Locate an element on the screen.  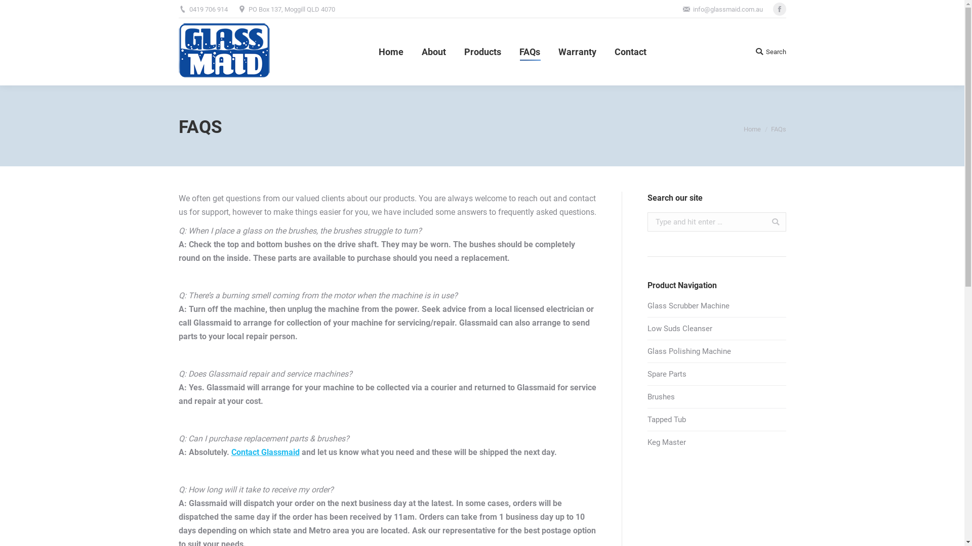
'Brushes' is located at coordinates (661, 396).